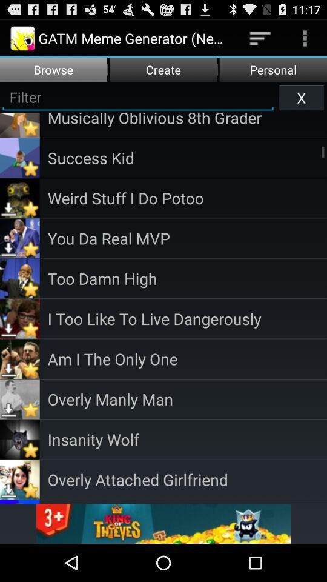 This screenshot has height=582, width=327. I want to click on see advert, so click(163, 523).